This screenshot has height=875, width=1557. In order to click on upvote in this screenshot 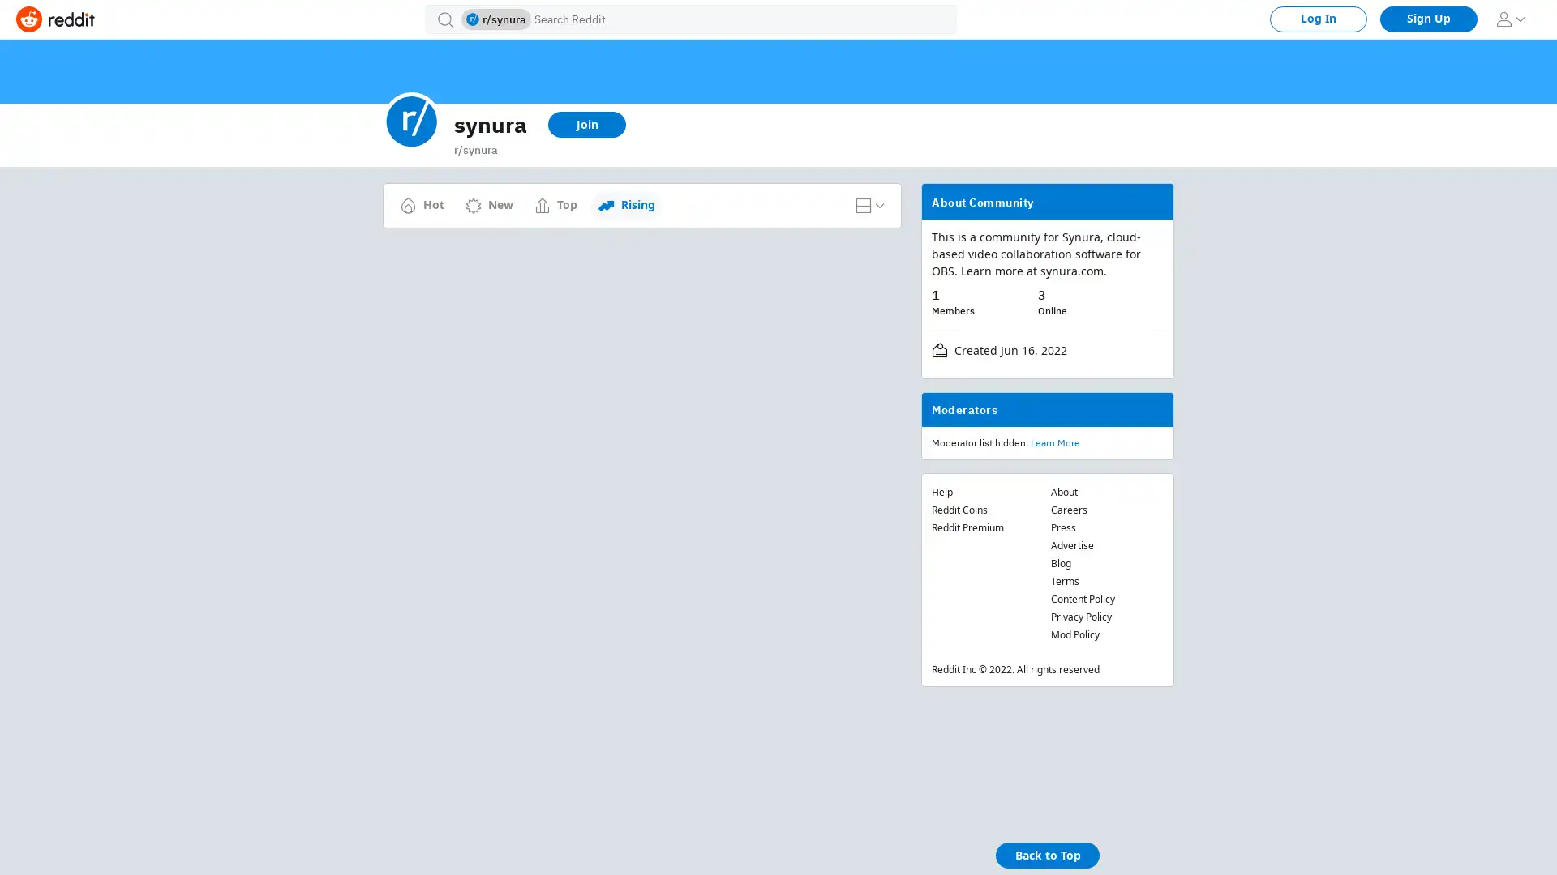, I will do `click(400, 258)`.